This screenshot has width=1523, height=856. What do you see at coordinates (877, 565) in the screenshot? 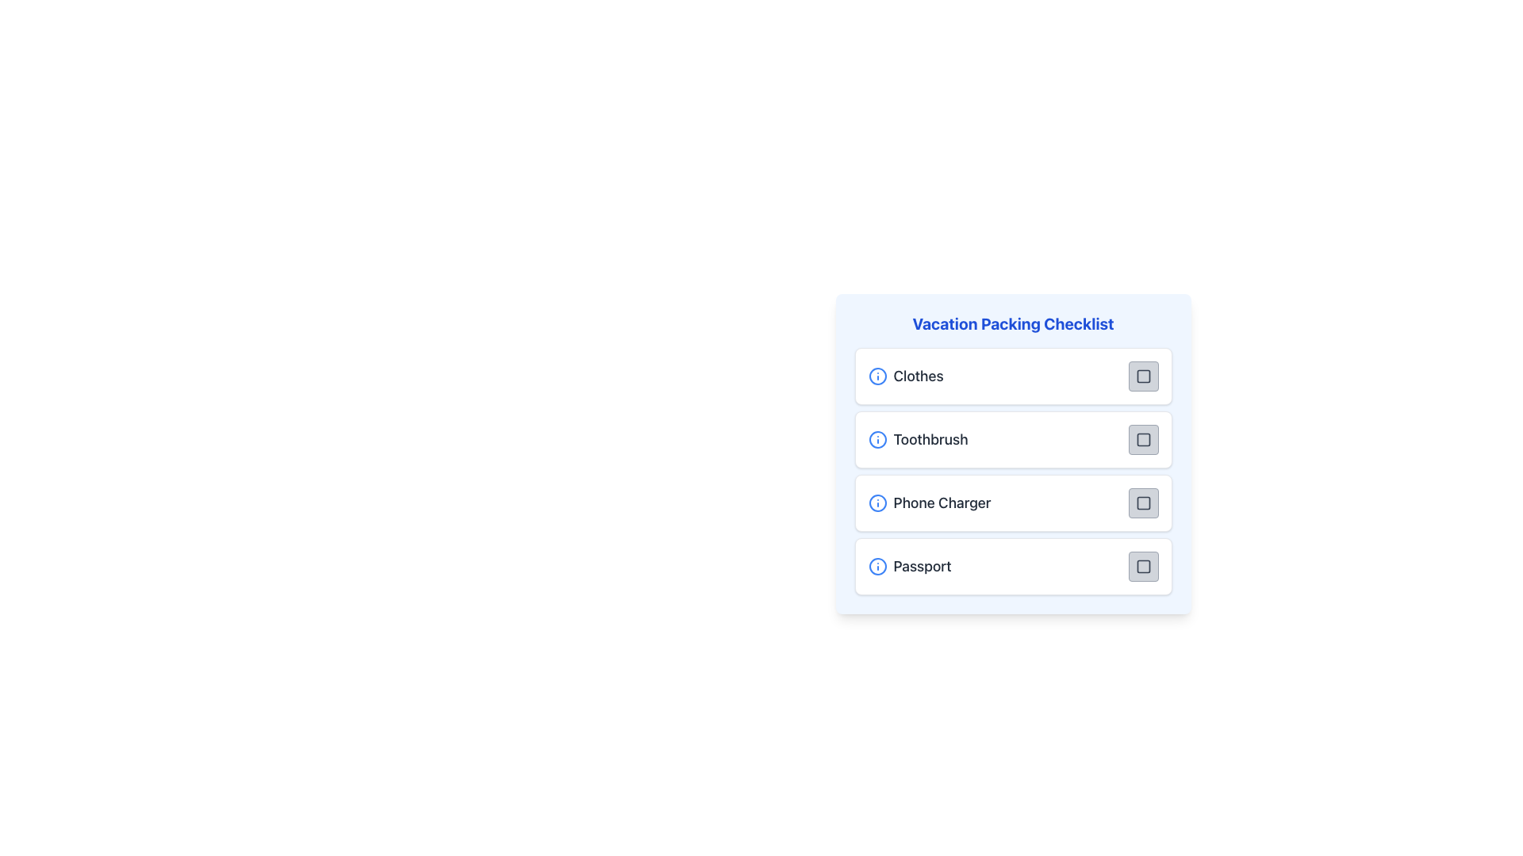
I see `the Circular SVG element with a blue border and red fill located in the 'Passport' row of the checklist interface for its contextual meaning` at bounding box center [877, 565].